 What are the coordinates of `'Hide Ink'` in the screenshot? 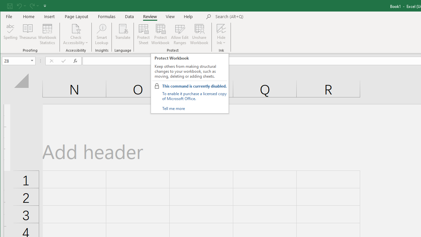 It's located at (221, 28).